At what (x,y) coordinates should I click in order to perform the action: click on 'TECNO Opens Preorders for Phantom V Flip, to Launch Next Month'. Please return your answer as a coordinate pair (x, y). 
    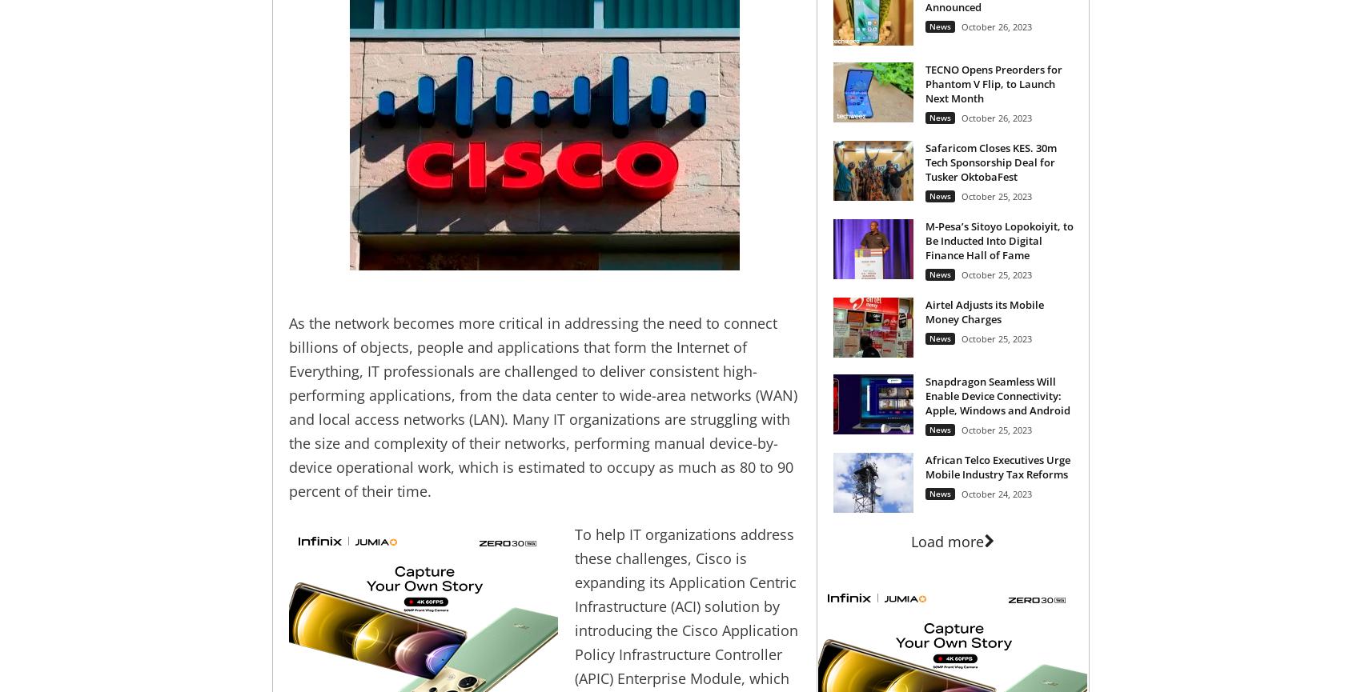
    Looking at the image, I should click on (992, 82).